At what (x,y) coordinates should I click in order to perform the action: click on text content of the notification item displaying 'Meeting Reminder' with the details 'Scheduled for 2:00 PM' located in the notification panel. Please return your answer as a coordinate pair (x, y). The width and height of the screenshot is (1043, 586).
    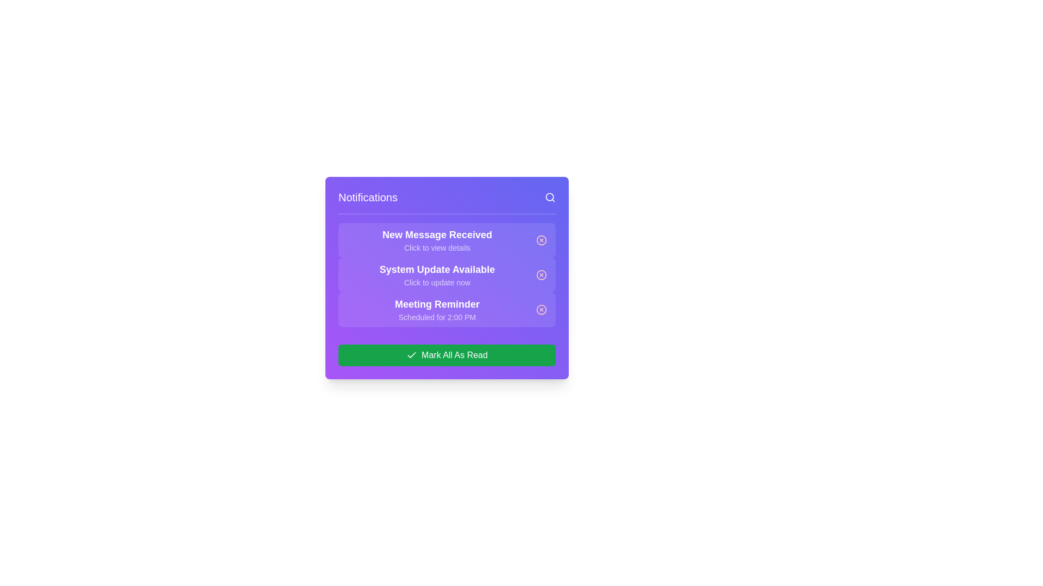
    Looking at the image, I should click on (437, 309).